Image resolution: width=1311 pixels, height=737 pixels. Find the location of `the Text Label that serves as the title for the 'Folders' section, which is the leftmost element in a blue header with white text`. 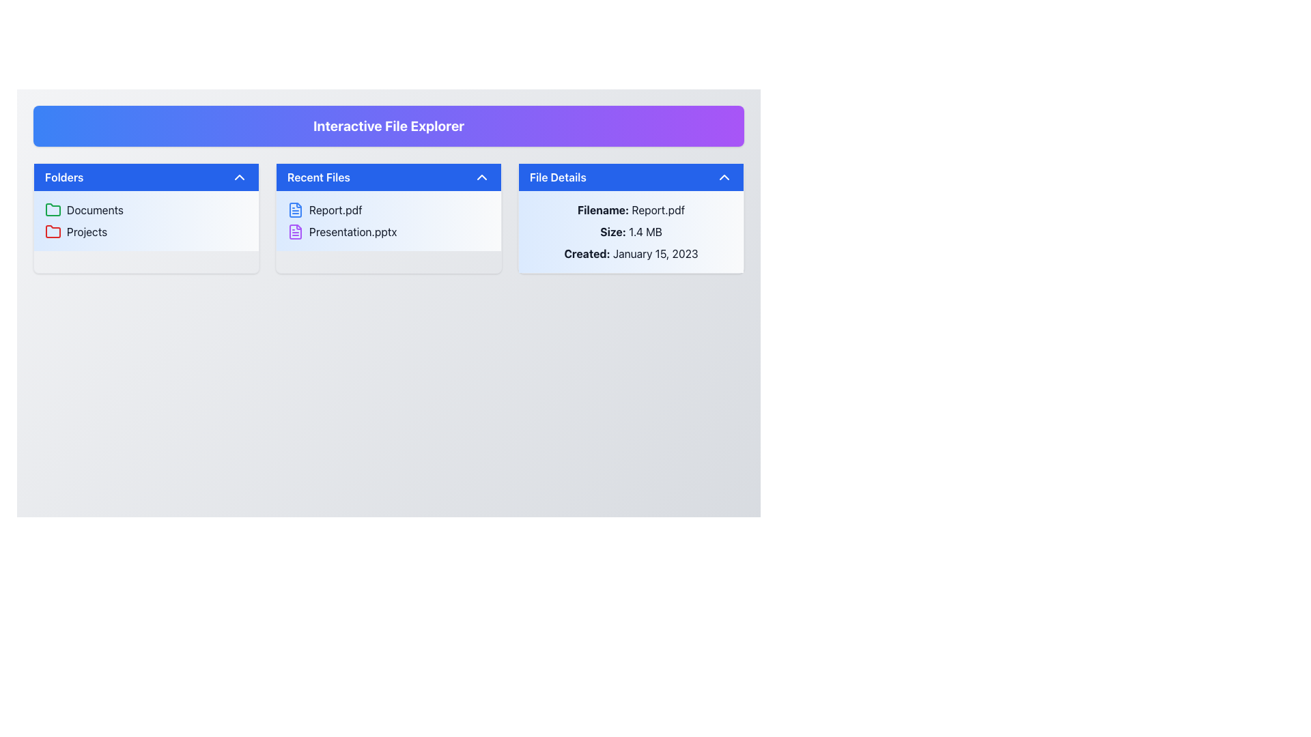

the Text Label that serves as the title for the 'Folders' section, which is the leftmost element in a blue header with white text is located at coordinates (64, 176).